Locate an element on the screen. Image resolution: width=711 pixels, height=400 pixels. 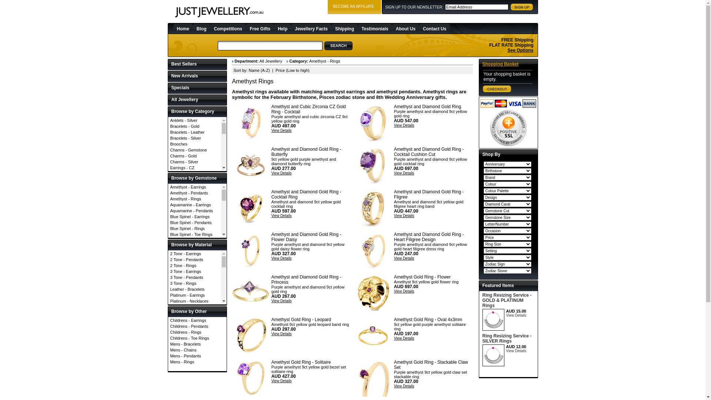
'Amethyst and Diamond Gold Ring - Filgree' is located at coordinates (429, 194).